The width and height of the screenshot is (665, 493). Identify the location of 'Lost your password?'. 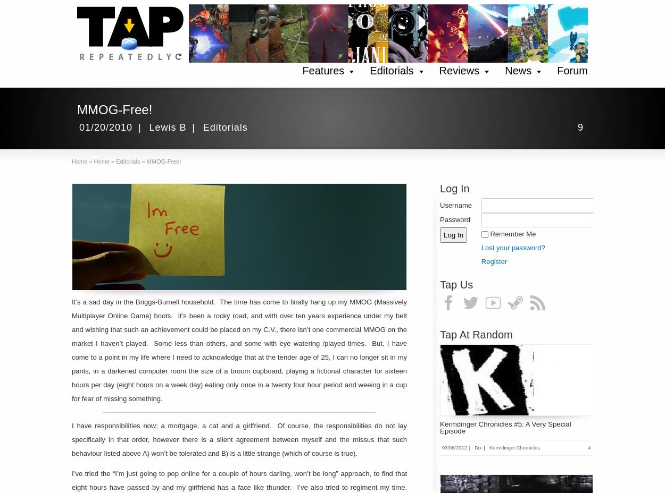
(512, 246).